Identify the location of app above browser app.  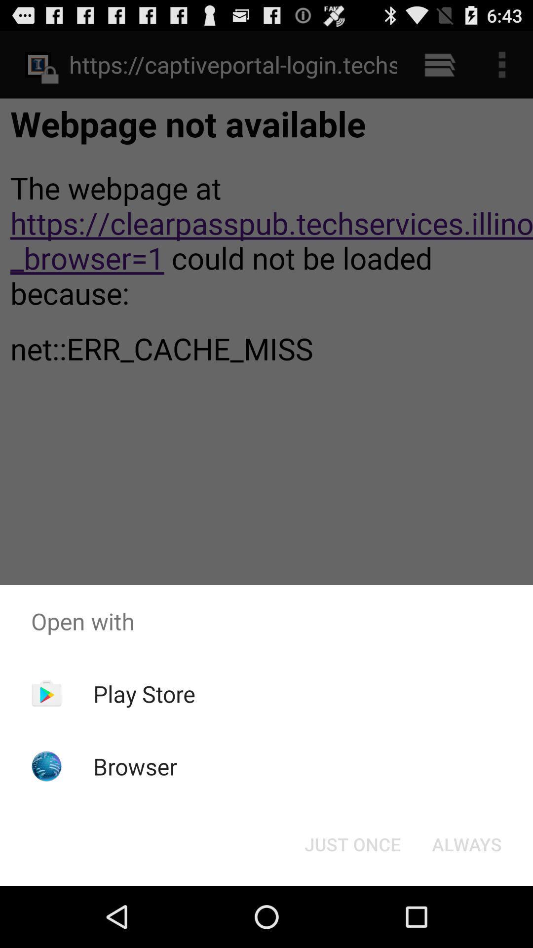
(144, 693).